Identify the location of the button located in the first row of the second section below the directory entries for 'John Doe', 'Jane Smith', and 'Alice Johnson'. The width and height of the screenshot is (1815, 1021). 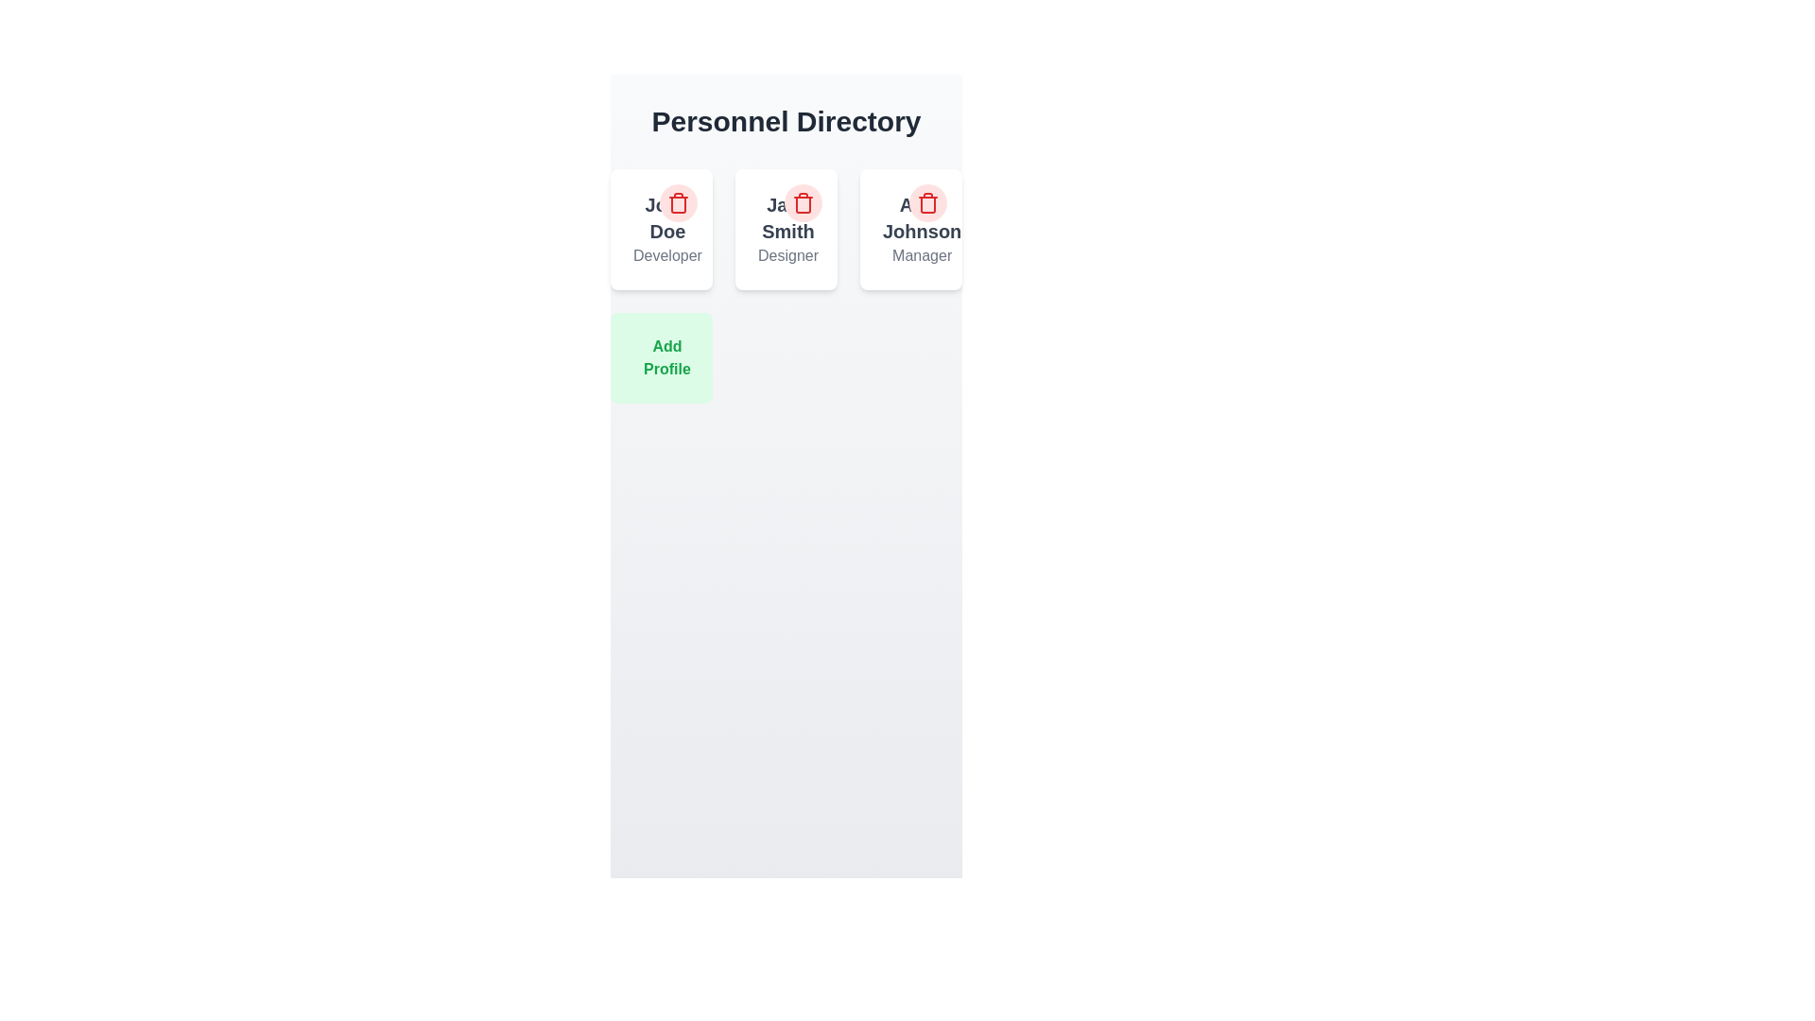
(662, 357).